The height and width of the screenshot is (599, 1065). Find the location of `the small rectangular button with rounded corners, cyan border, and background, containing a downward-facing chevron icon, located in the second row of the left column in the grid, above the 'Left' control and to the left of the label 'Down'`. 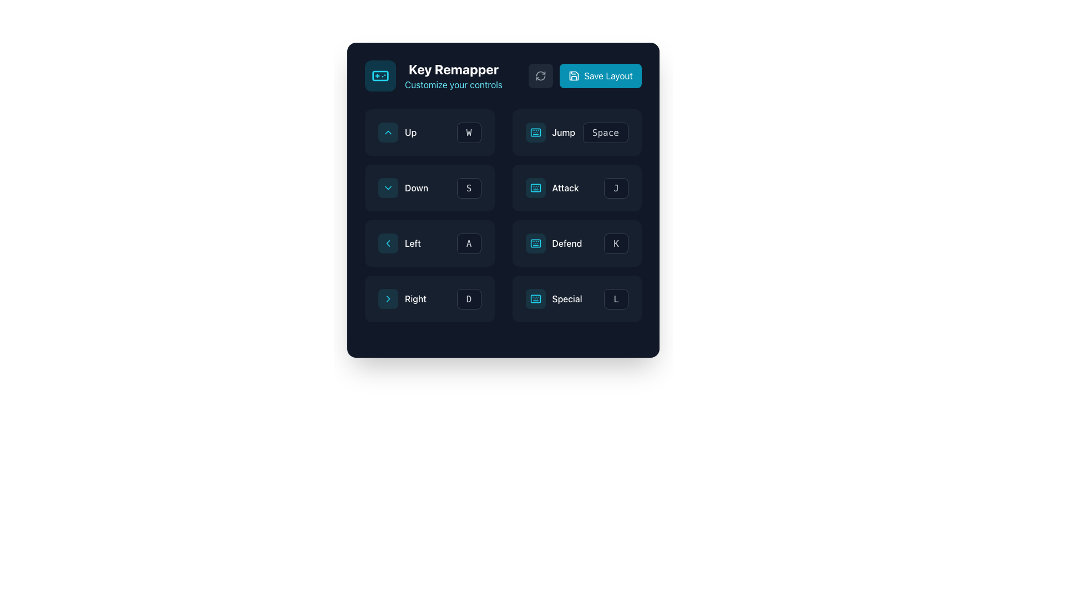

the small rectangular button with rounded corners, cyan border, and background, containing a downward-facing chevron icon, located in the second row of the left column in the grid, above the 'Left' control and to the left of the label 'Down' is located at coordinates (388, 187).